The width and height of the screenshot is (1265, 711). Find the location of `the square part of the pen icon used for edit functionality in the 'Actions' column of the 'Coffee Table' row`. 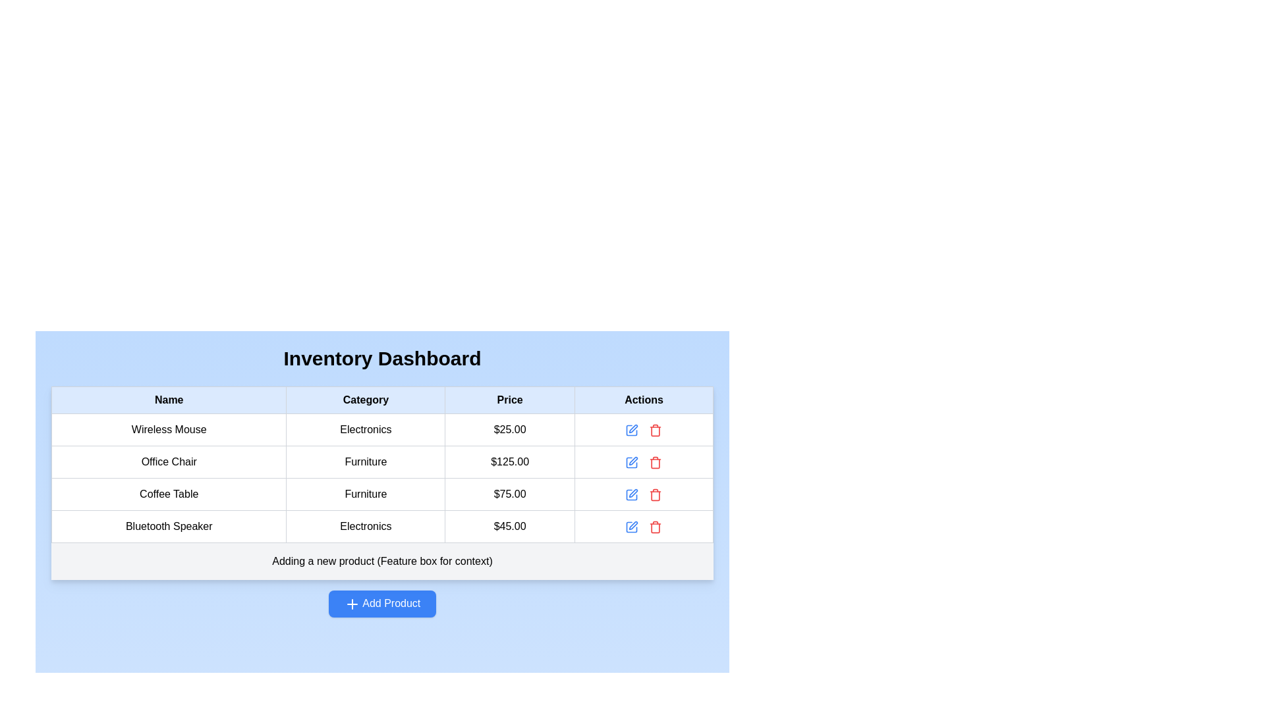

the square part of the pen icon used for edit functionality in the 'Actions' column of the 'Coffee Table' row is located at coordinates (631, 494).